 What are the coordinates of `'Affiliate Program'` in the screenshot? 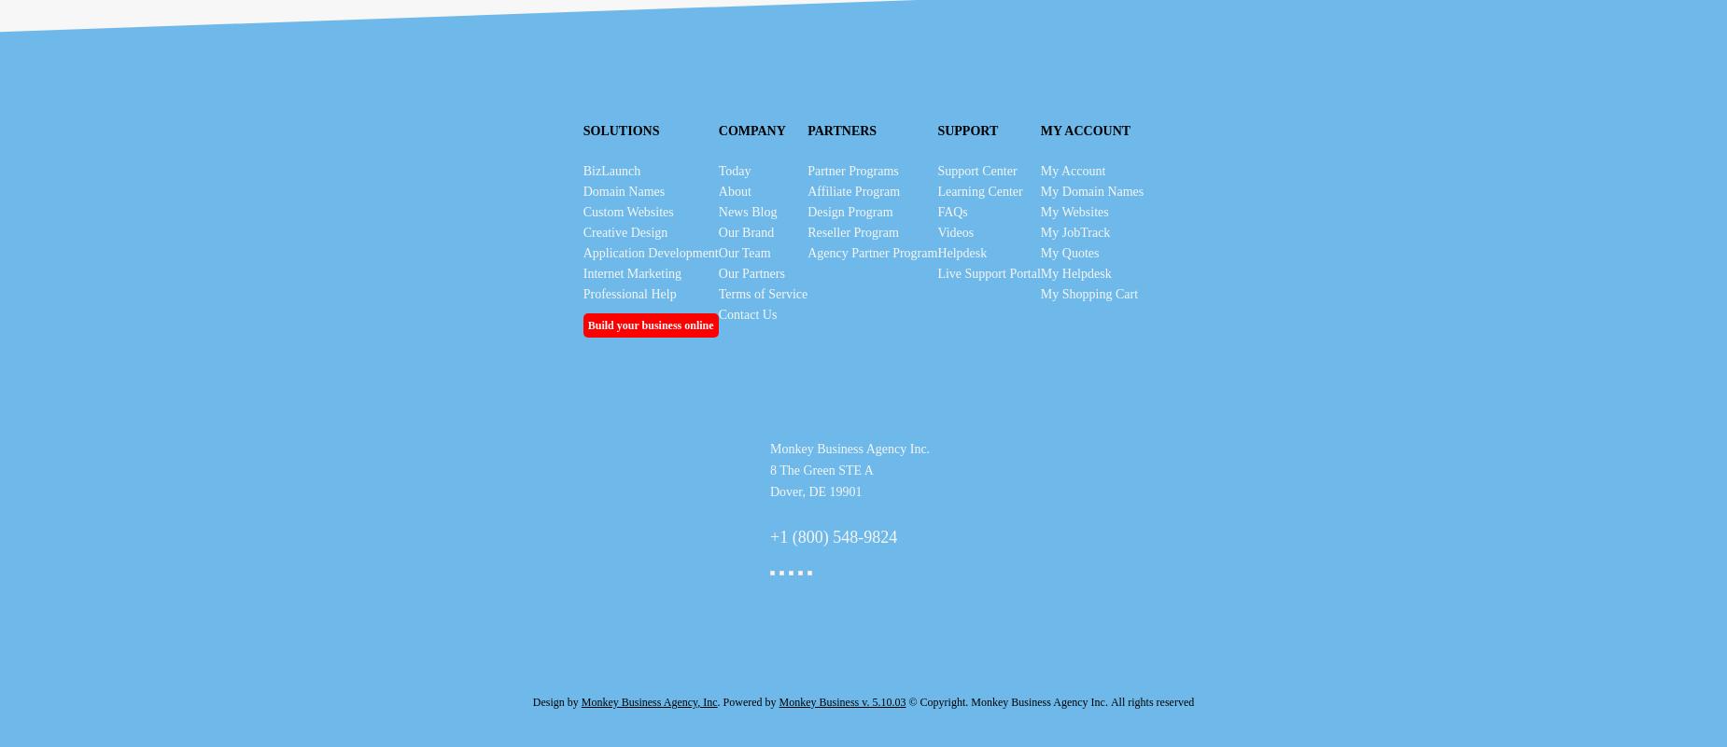 It's located at (853, 190).